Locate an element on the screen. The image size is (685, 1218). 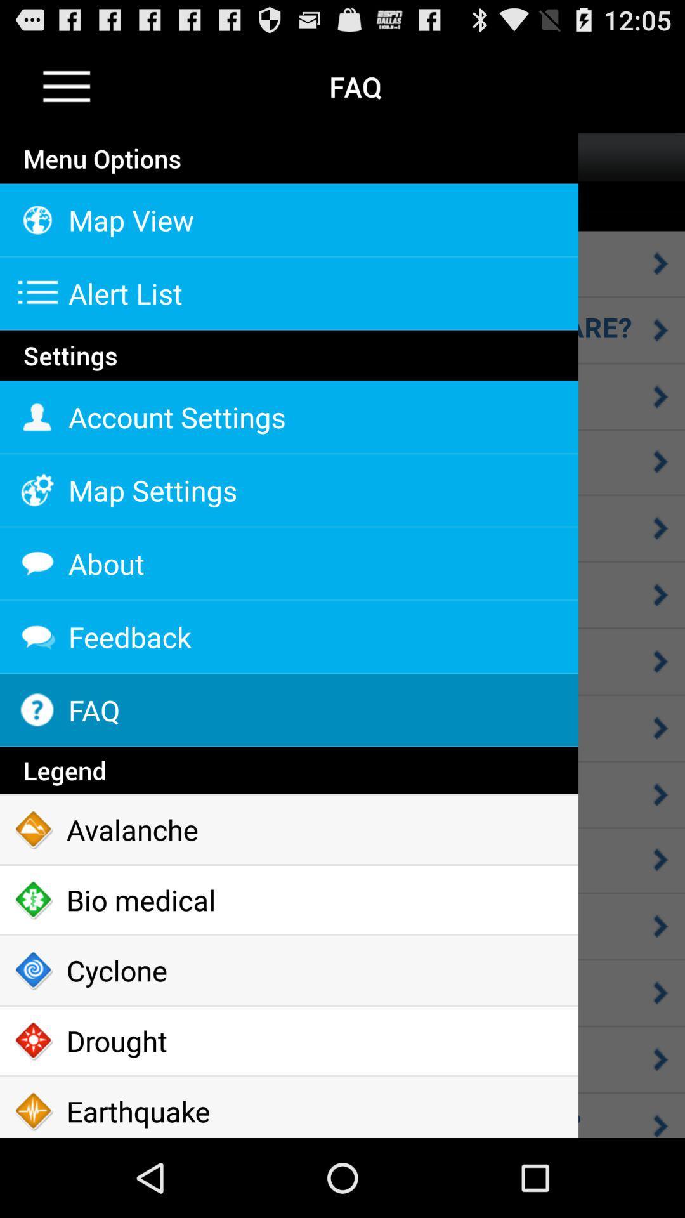
map settings is located at coordinates (289, 490).